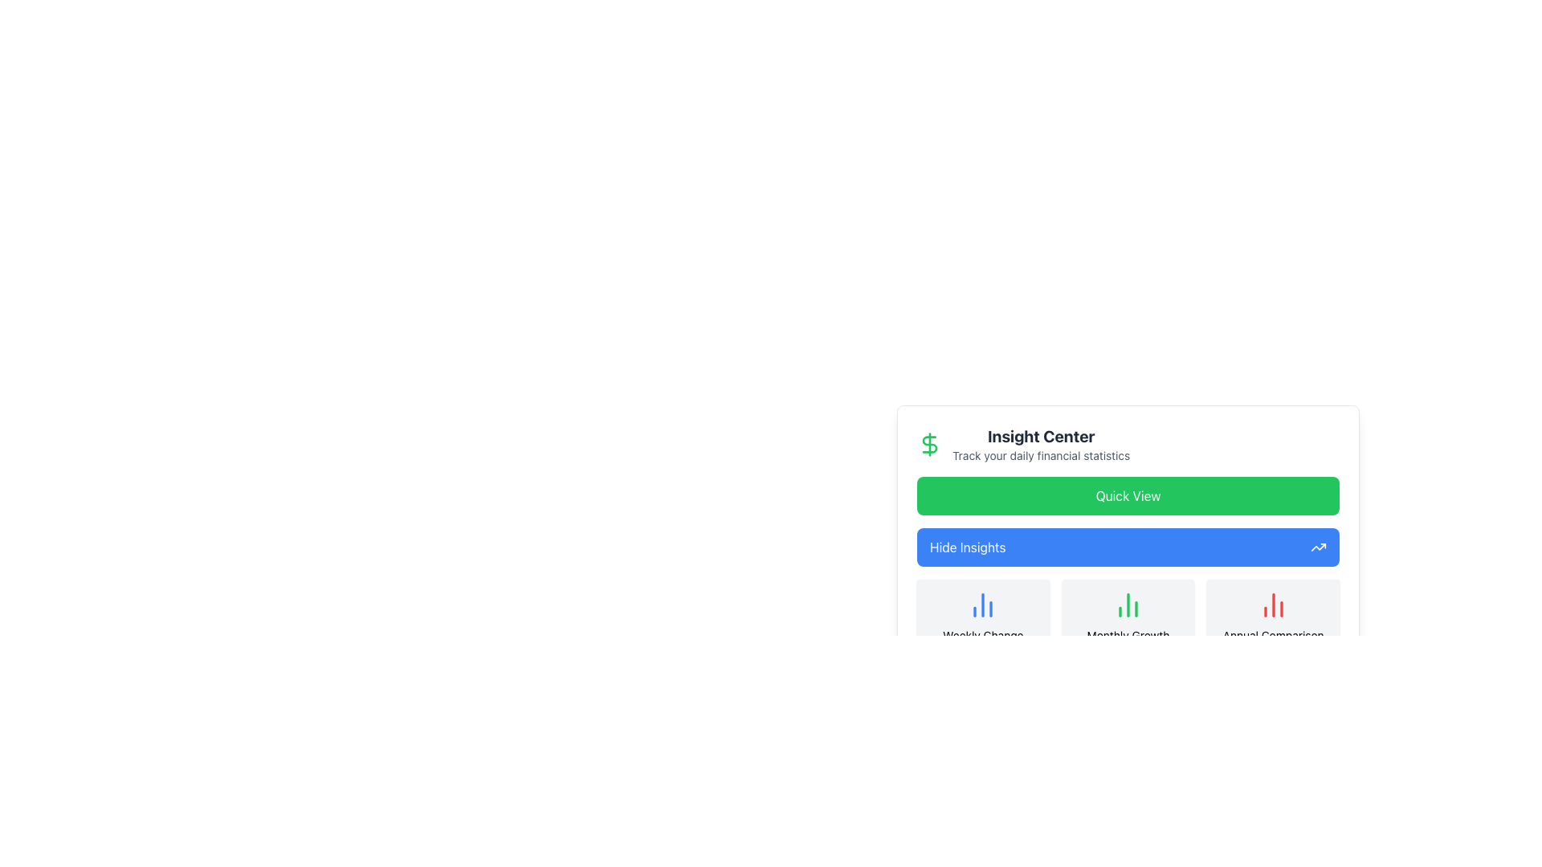 The height and width of the screenshot is (867, 1542). What do you see at coordinates (929, 445) in the screenshot?
I see `the green dollar sign icon, which is styled as a line art icon and is positioned to the left of the 'Insight Center' text block` at bounding box center [929, 445].